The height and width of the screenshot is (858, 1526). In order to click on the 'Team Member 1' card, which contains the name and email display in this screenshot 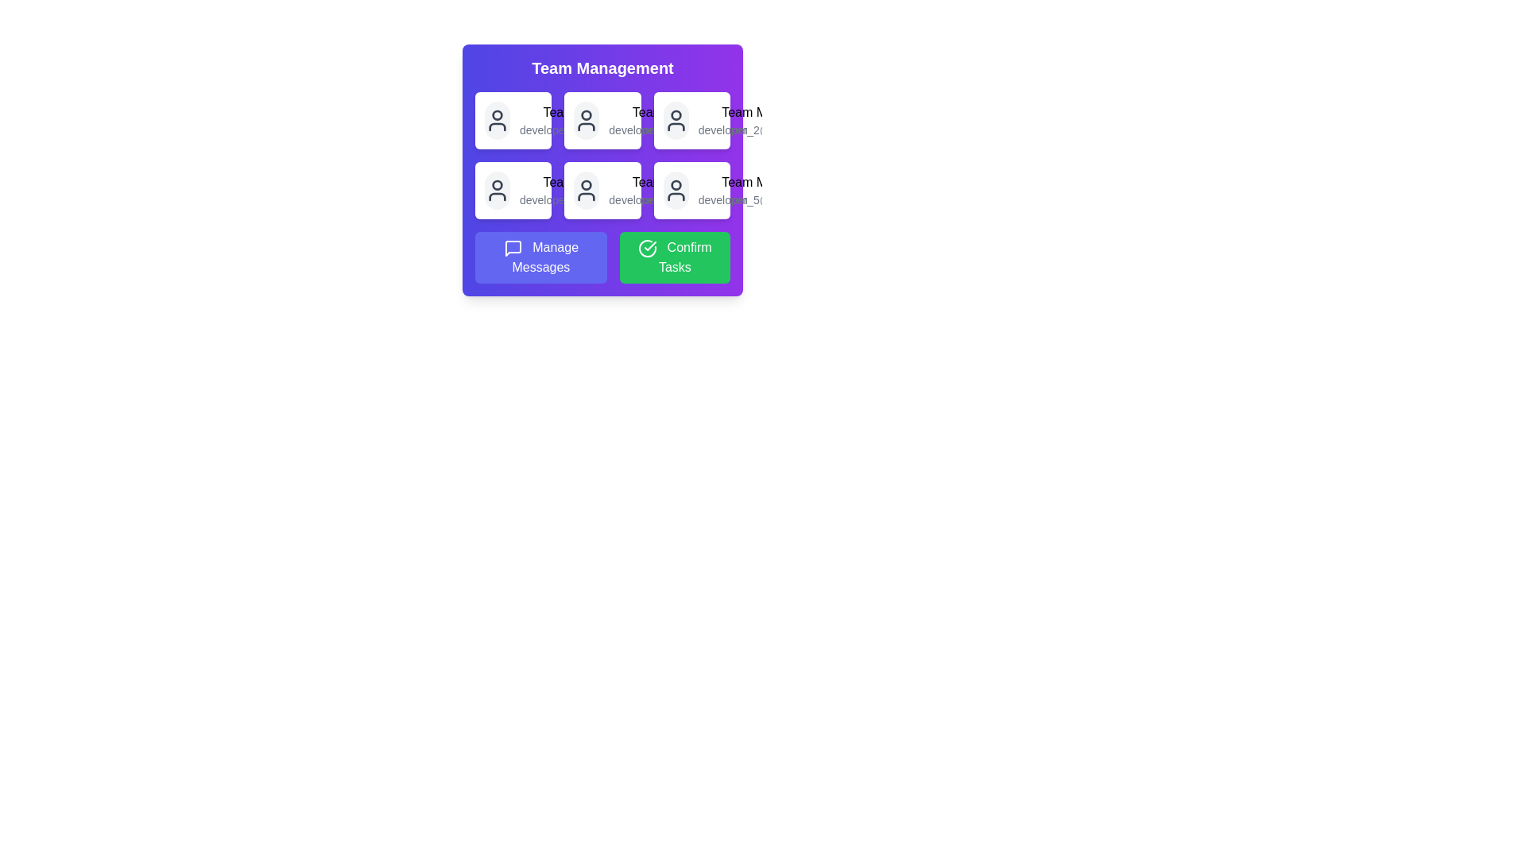, I will do `click(588, 119)`.